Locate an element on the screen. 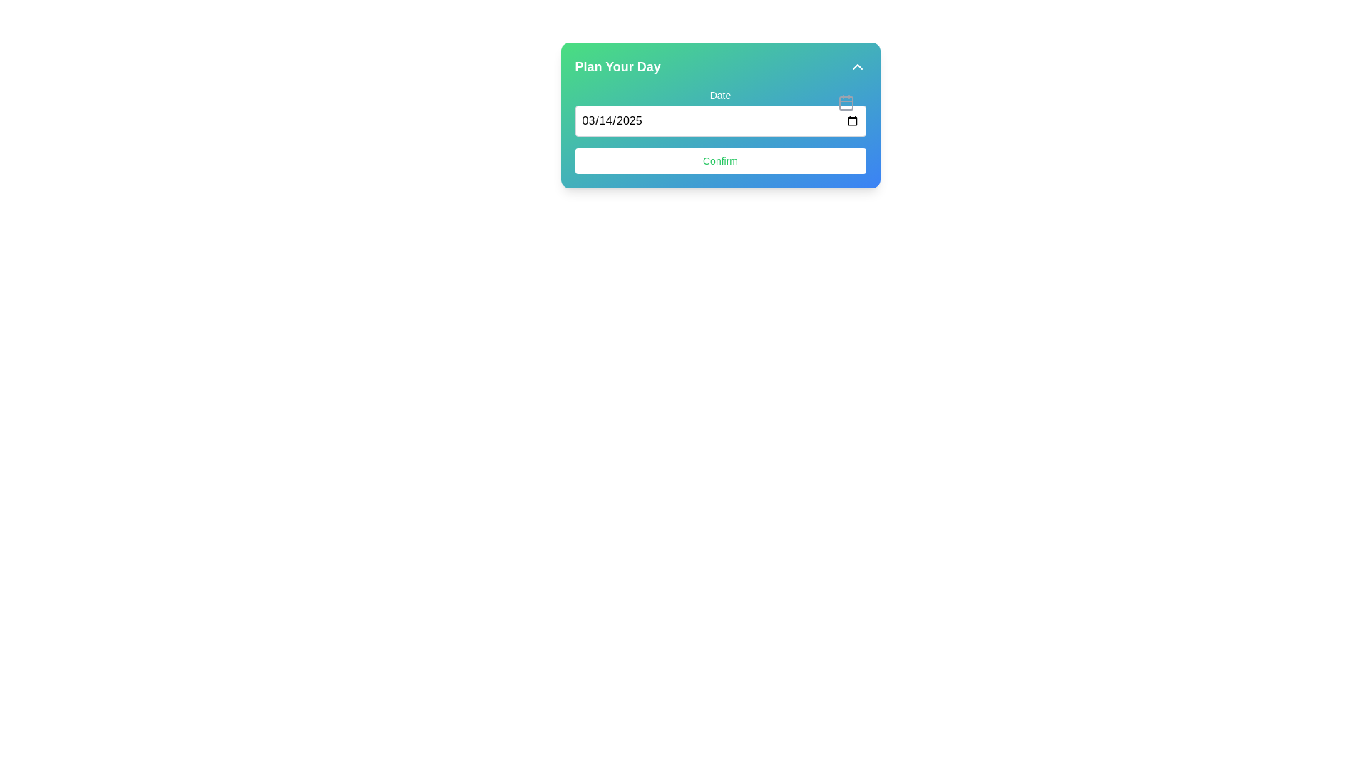  the calendar icon located at the top-right corner of the 'Plan Your Day' card is located at coordinates (846, 101).